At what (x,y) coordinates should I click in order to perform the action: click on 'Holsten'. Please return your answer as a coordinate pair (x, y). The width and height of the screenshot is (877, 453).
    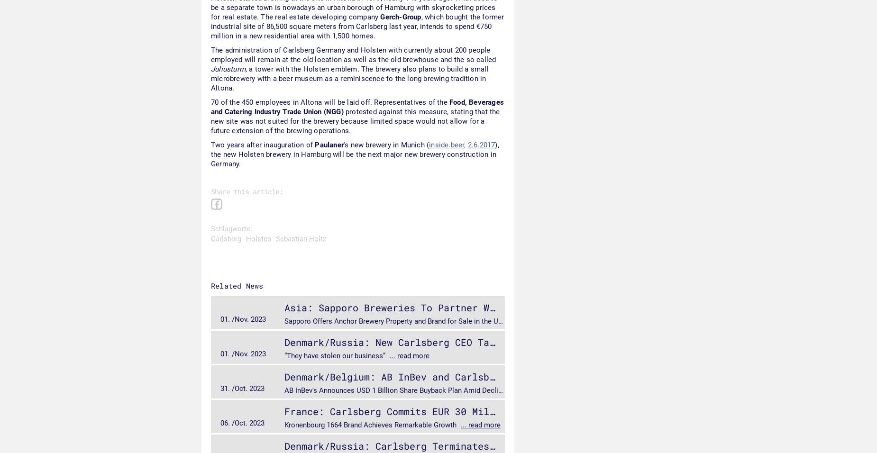
    Looking at the image, I should click on (258, 238).